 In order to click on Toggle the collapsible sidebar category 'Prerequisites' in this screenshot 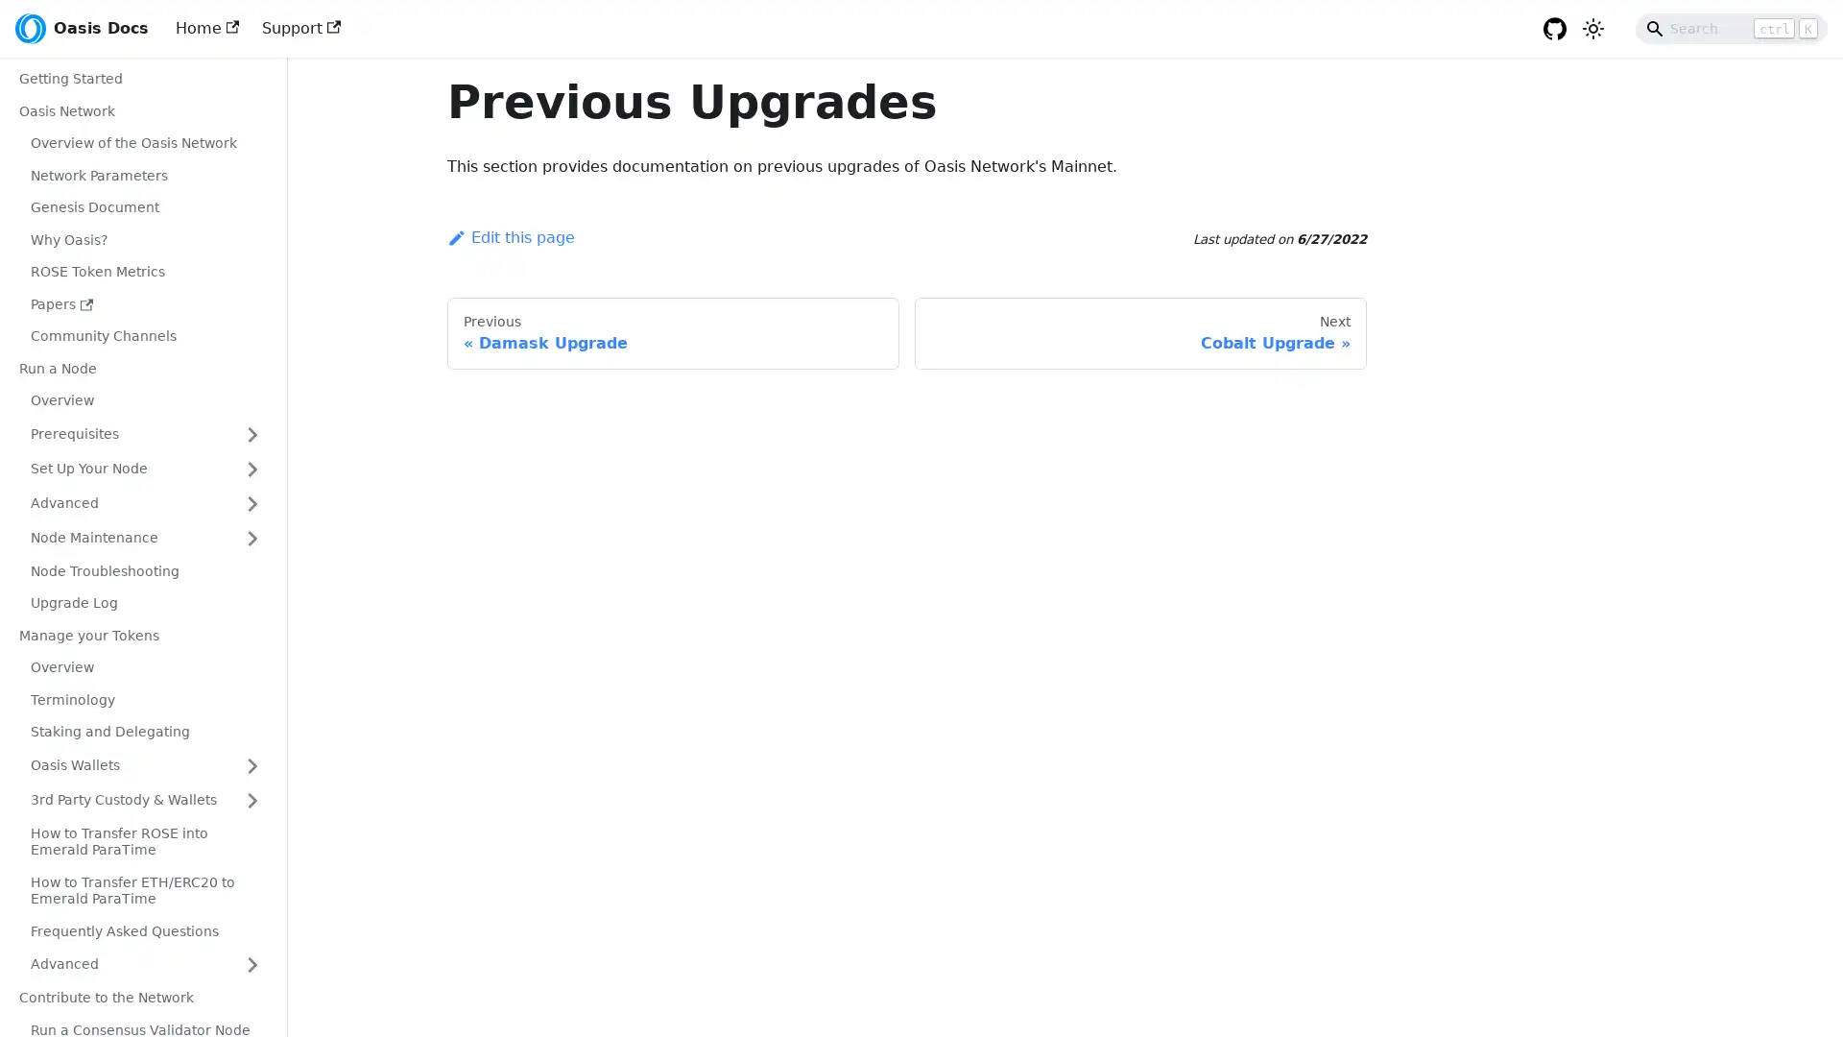, I will do `click(251, 433)`.